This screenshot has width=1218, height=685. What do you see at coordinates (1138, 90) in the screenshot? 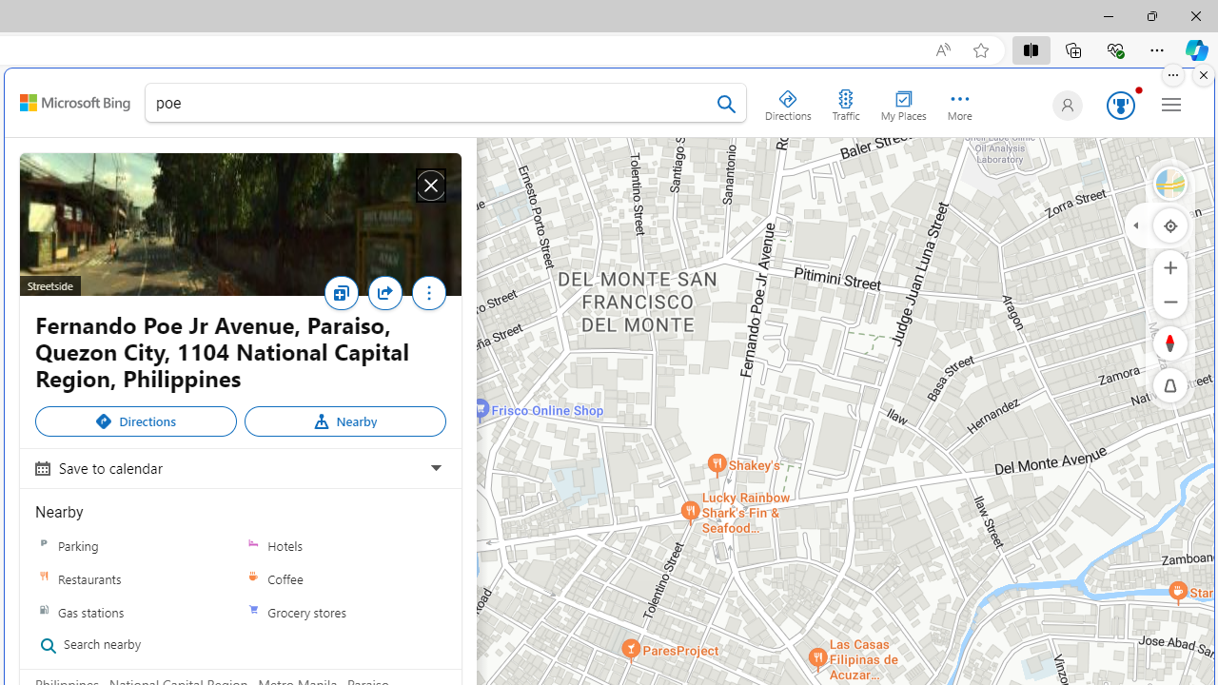
I see `'Animation'` at bounding box center [1138, 90].